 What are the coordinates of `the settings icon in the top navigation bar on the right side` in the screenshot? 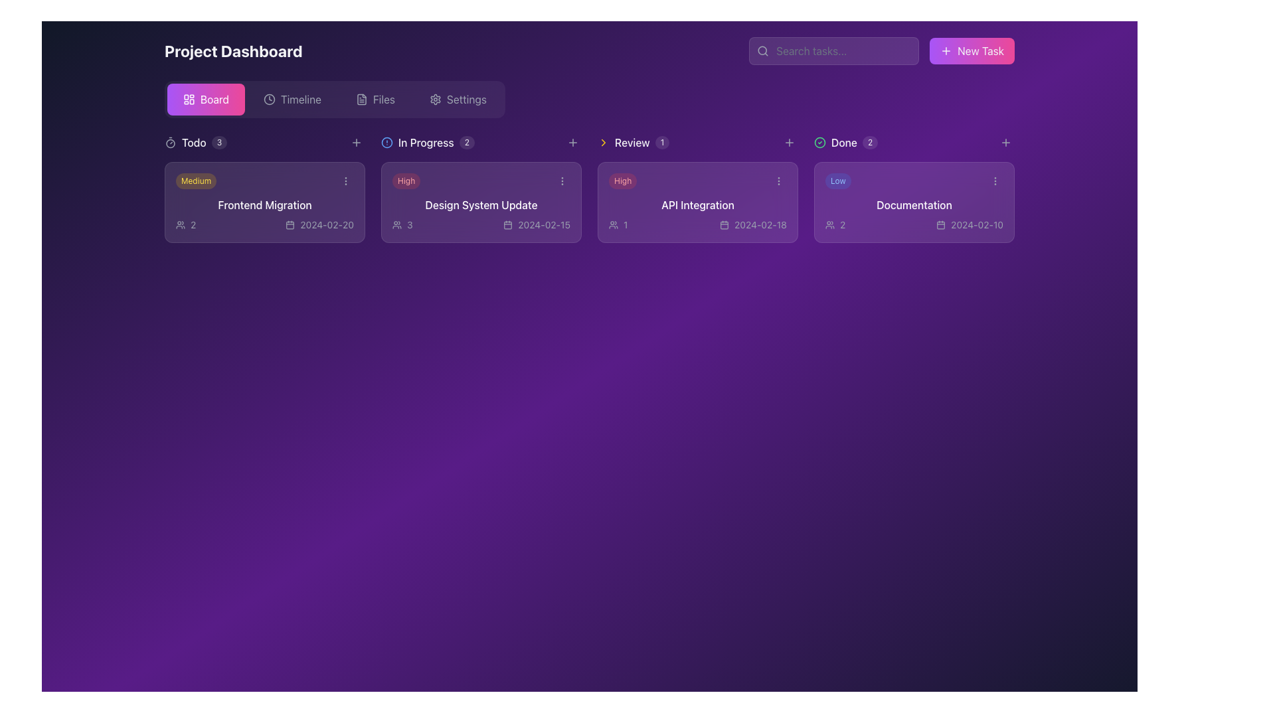 It's located at (436, 99).